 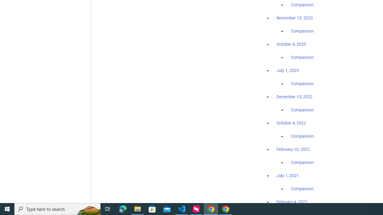 I want to click on 'December 15, 2022', so click(x=294, y=96).